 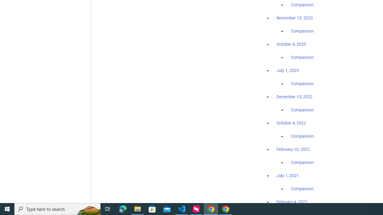 I want to click on 'December 15, 2022', so click(x=294, y=96).